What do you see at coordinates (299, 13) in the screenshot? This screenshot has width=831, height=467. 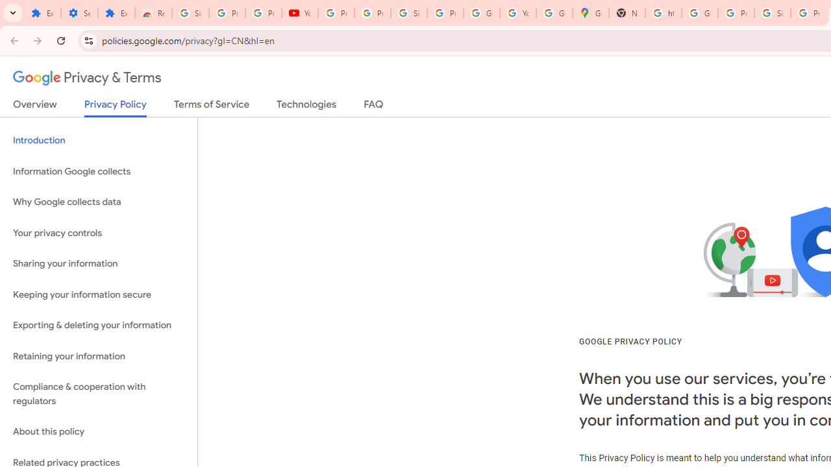 I see `'YouTube'` at bounding box center [299, 13].